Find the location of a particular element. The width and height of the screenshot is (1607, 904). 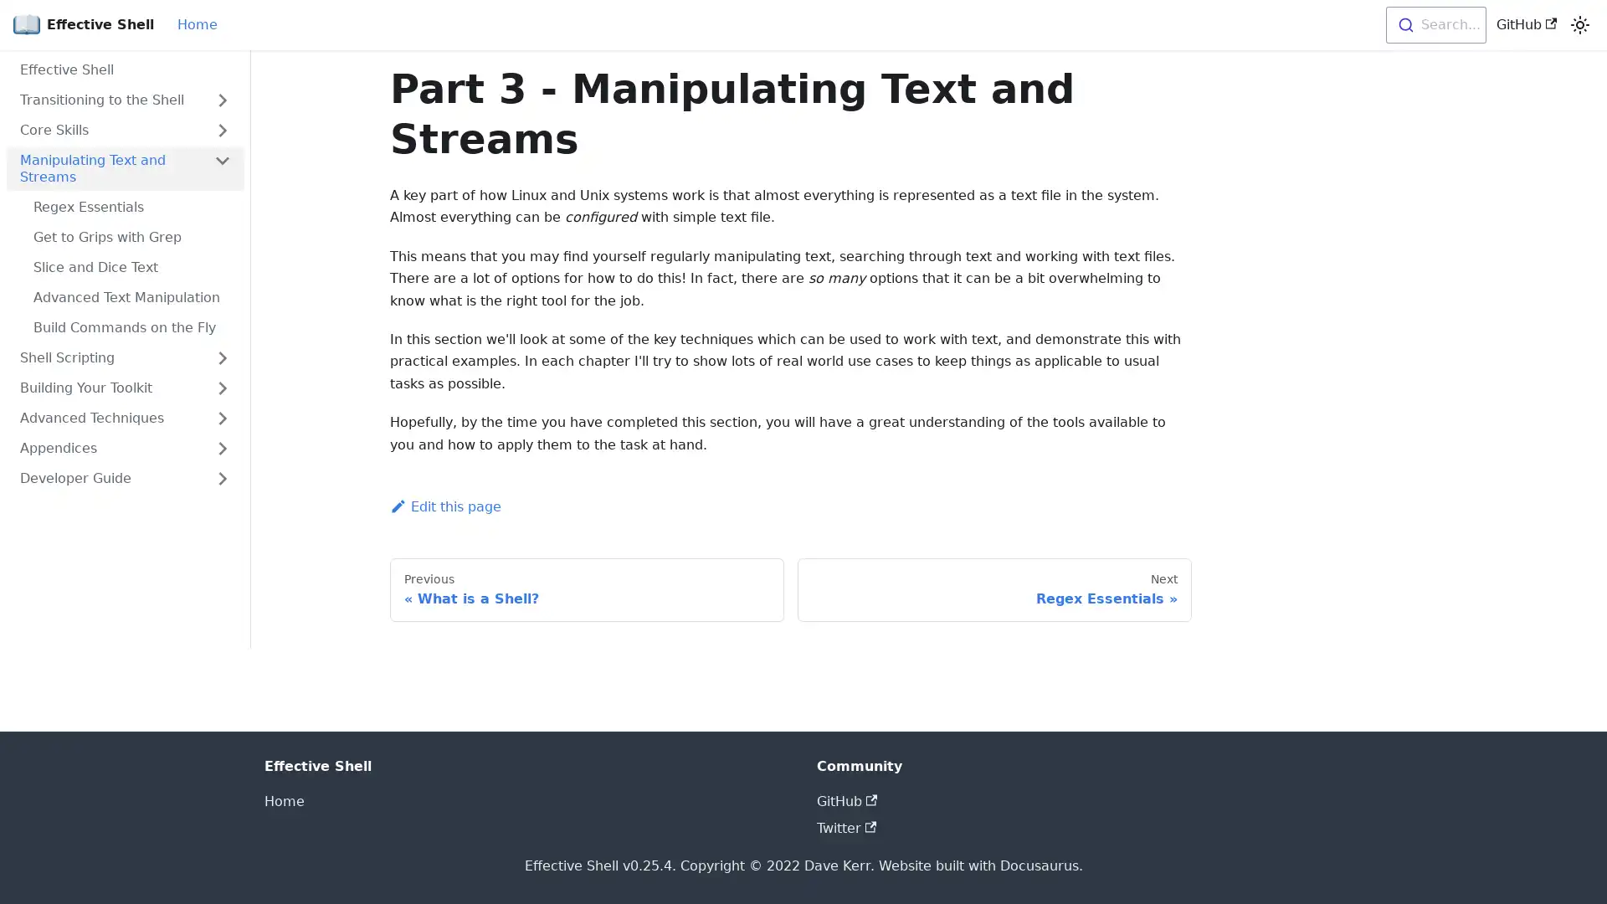

Toggle the collapsible sidebar category 'Building Your Toolkit' is located at coordinates (221, 388).